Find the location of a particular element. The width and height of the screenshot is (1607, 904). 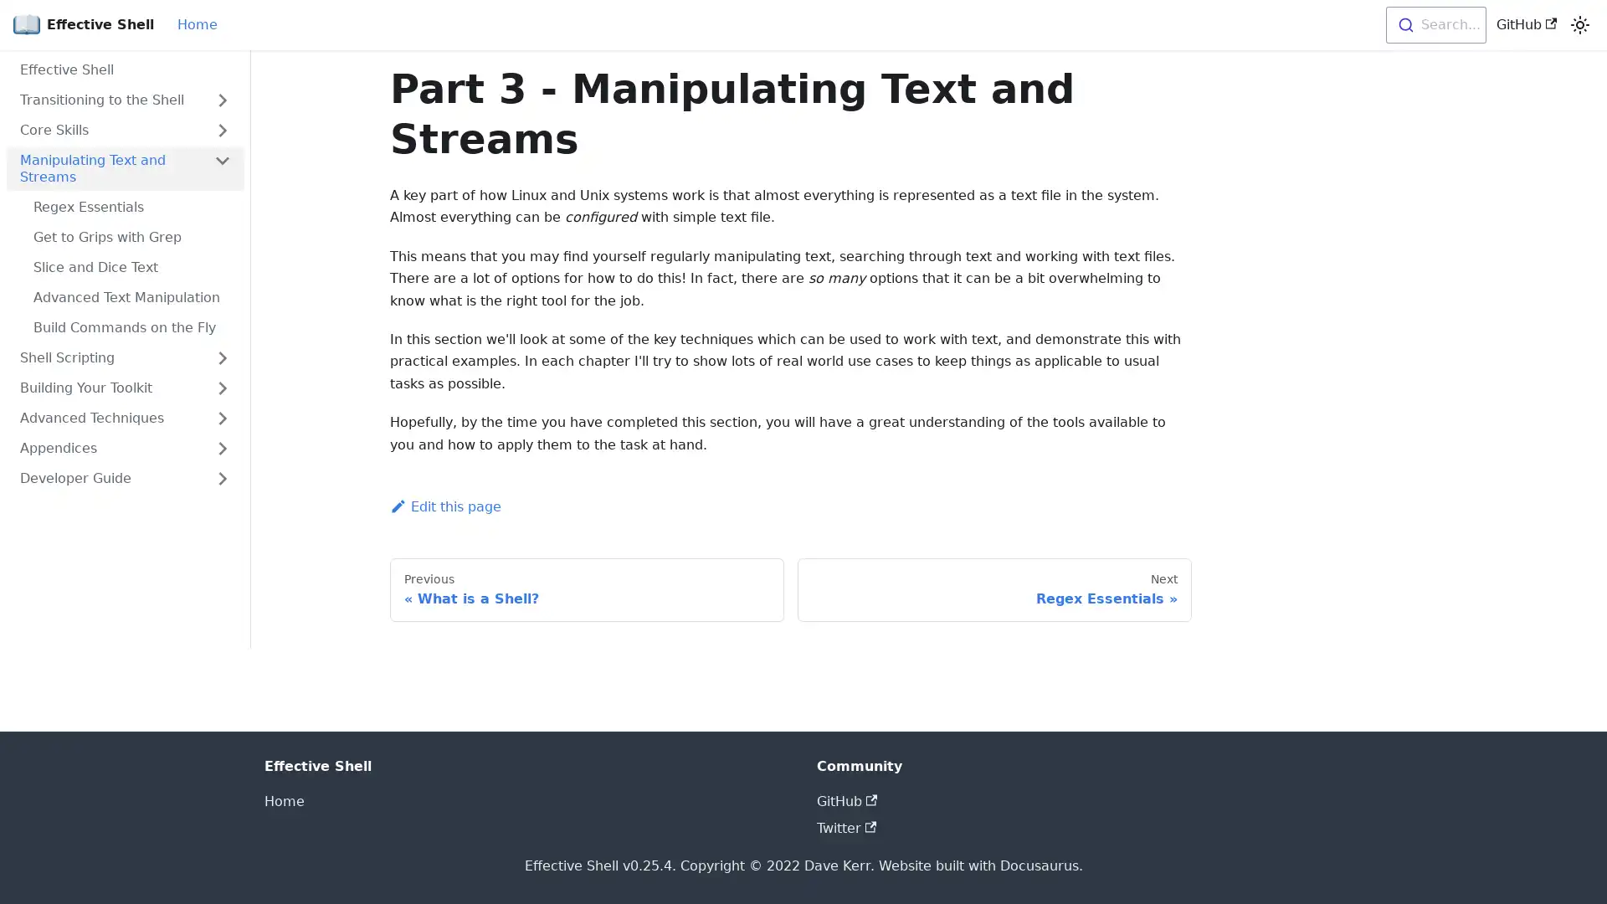

Toggle the collapsible sidebar category 'Building Your Toolkit' is located at coordinates (221, 388).